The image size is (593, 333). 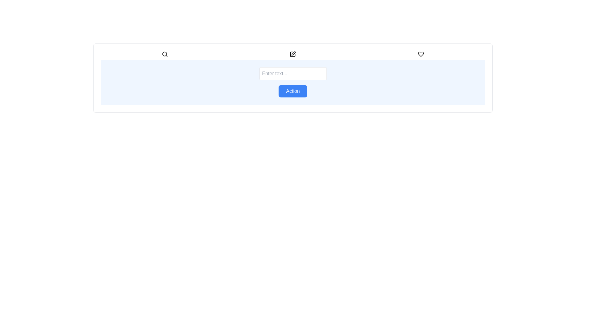 I want to click on the tab corresponding to Favorites, so click(x=420, y=54).